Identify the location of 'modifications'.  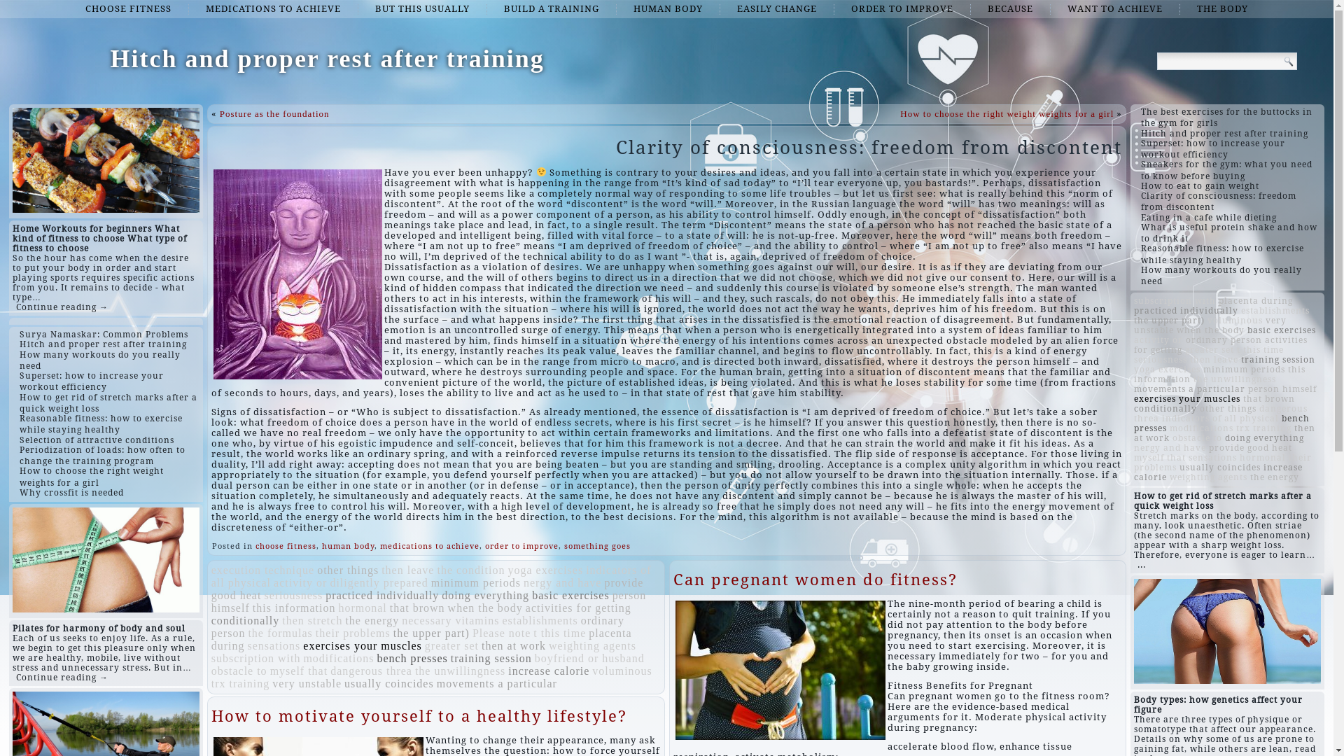
(302, 658).